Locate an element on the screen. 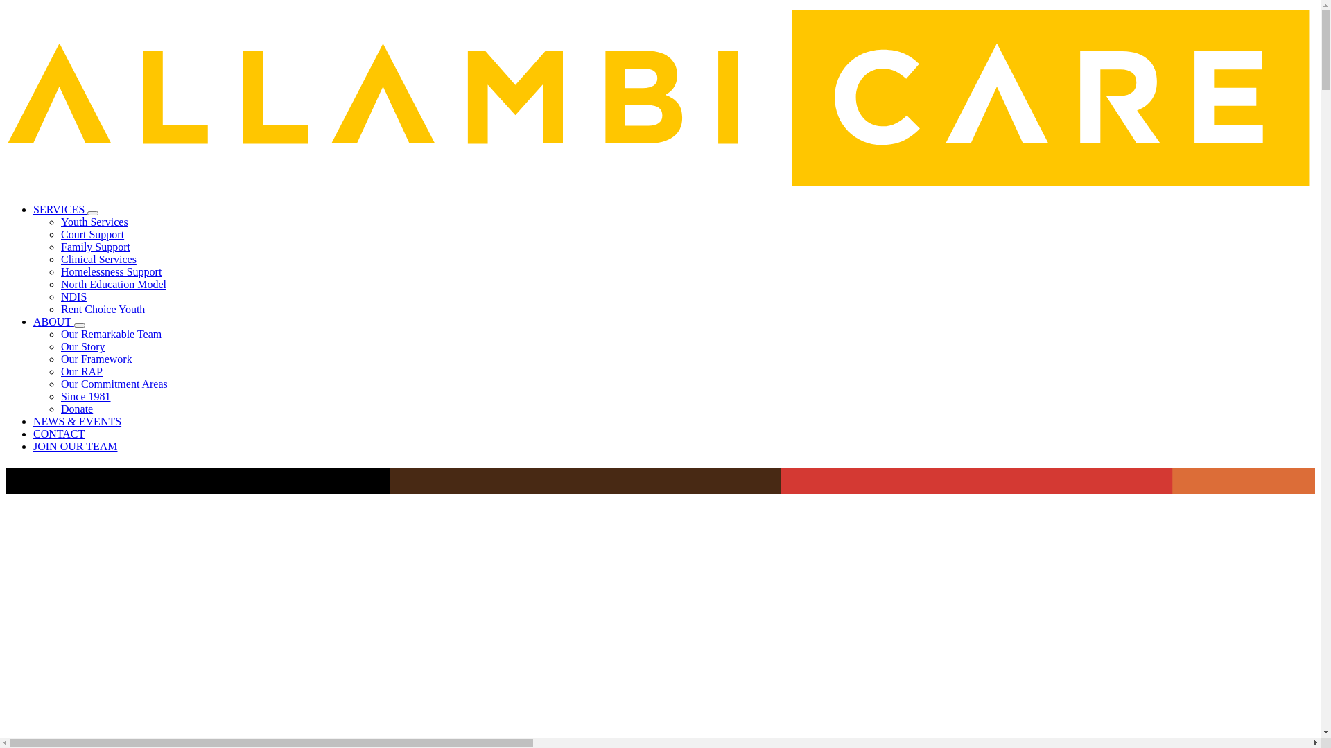  'Our RAP' is located at coordinates (81, 371).